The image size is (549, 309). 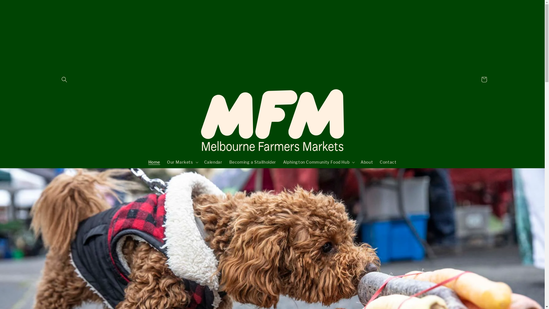 What do you see at coordinates (483, 79) in the screenshot?
I see `'Cart'` at bounding box center [483, 79].